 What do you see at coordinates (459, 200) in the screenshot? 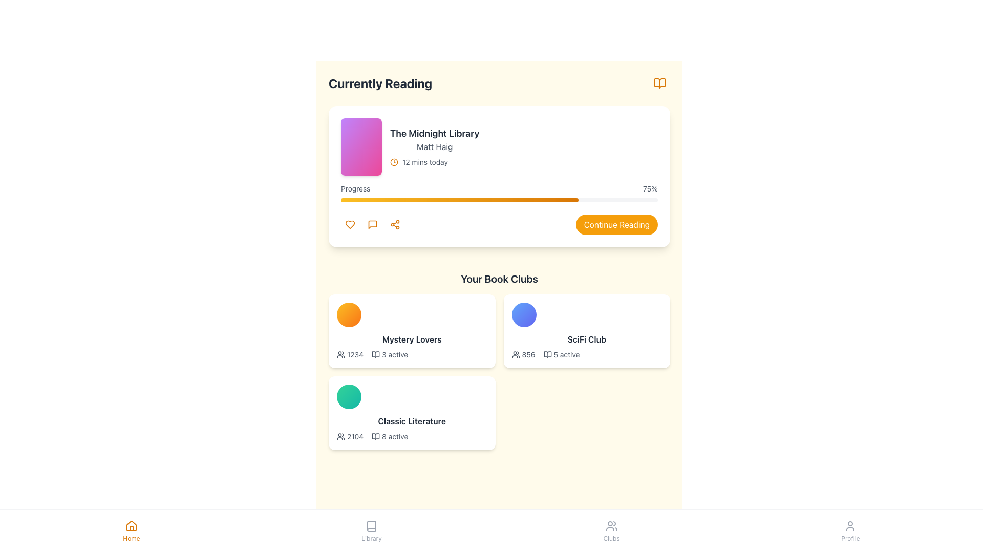
I see `the Progress Bar Indicator, which is filled to approximately 75% with a gradient color transition from amber to orange, located in the 'Currently Reading' section just below the book details` at bounding box center [459, 200].